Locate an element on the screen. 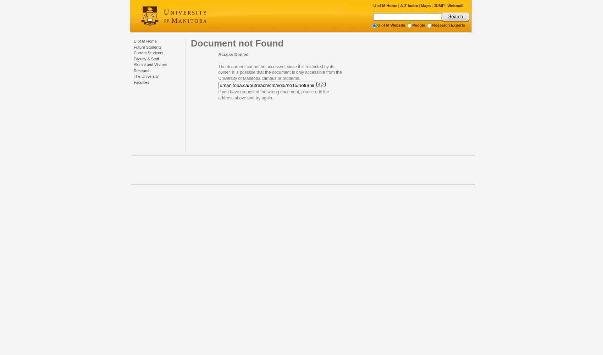 The height and width of the screenshot is (355, 603). 'Current Students' is located at coordinates (148, 53).